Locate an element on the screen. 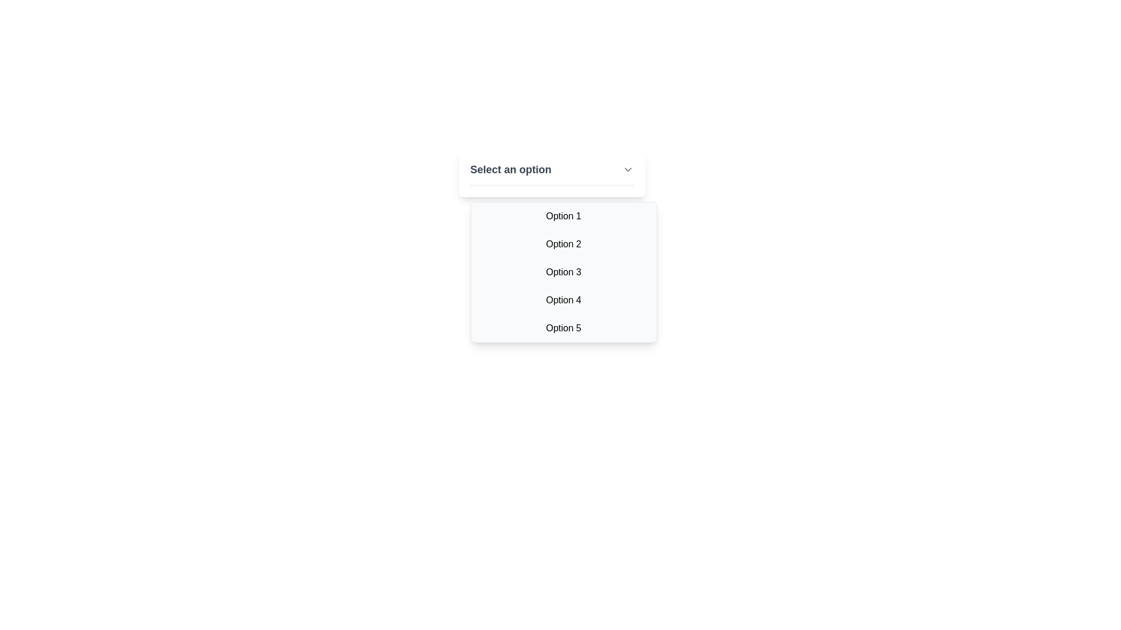 The height and width of the screenshot is (630, 1121). the dropdown menu with a light gray background and rounded borders, located directly below the 'Select an option' button is located at coordinates (563, 272).